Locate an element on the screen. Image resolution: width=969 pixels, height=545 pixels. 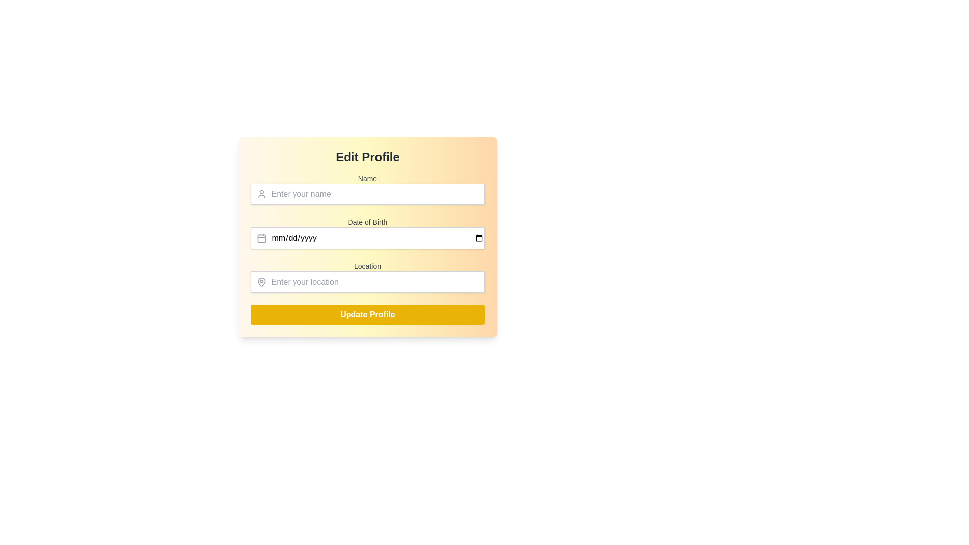
the text label displaying 'Name', which is located at the top of the profile editing form, above the name input field is located at coordinates (367, 178).